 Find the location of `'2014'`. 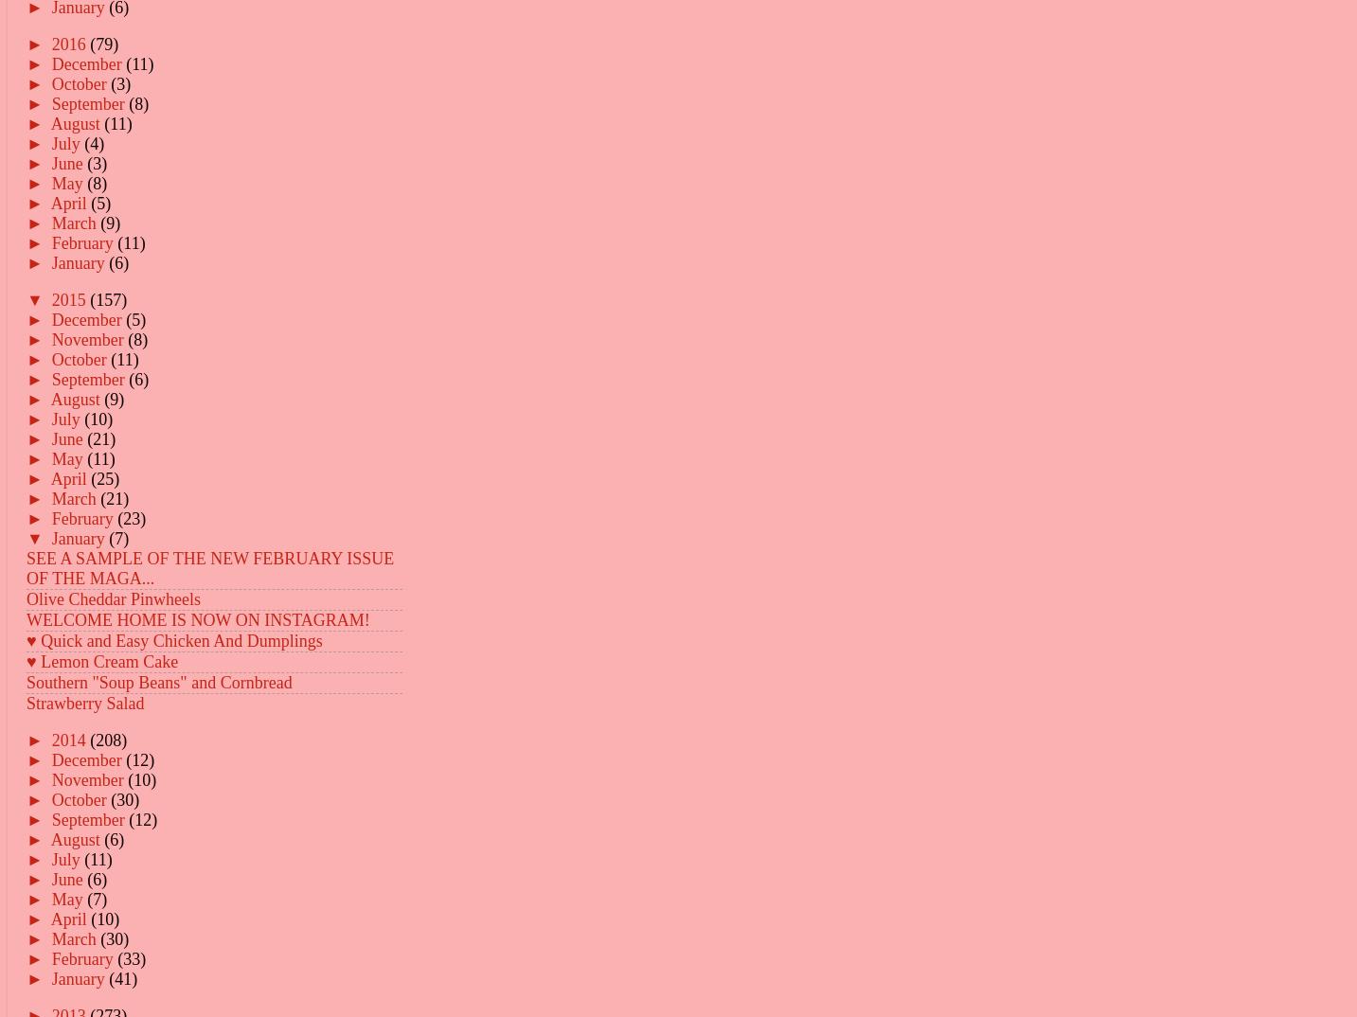

'2014' is located at coordinates (69, 739).